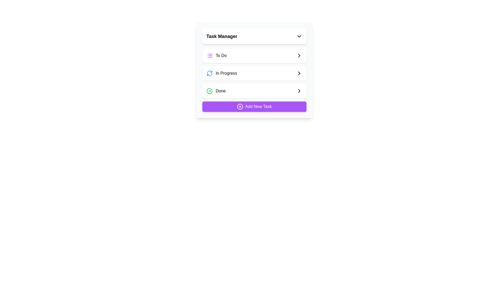  I want to click on the progress icon located in the second row of the vertical list within the 'In Progress' card, which serves as a visual cue for task progress or refresh functionality, so click(209, 73).